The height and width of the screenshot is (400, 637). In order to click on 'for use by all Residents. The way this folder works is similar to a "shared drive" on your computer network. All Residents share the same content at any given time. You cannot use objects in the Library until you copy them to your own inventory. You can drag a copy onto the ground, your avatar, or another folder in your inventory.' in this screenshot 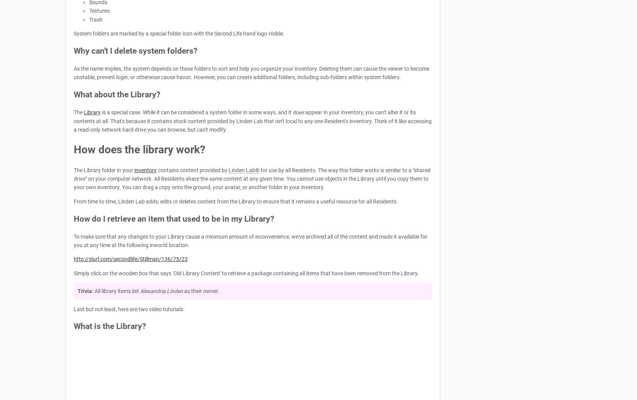, I will do `click(252, 178)`.